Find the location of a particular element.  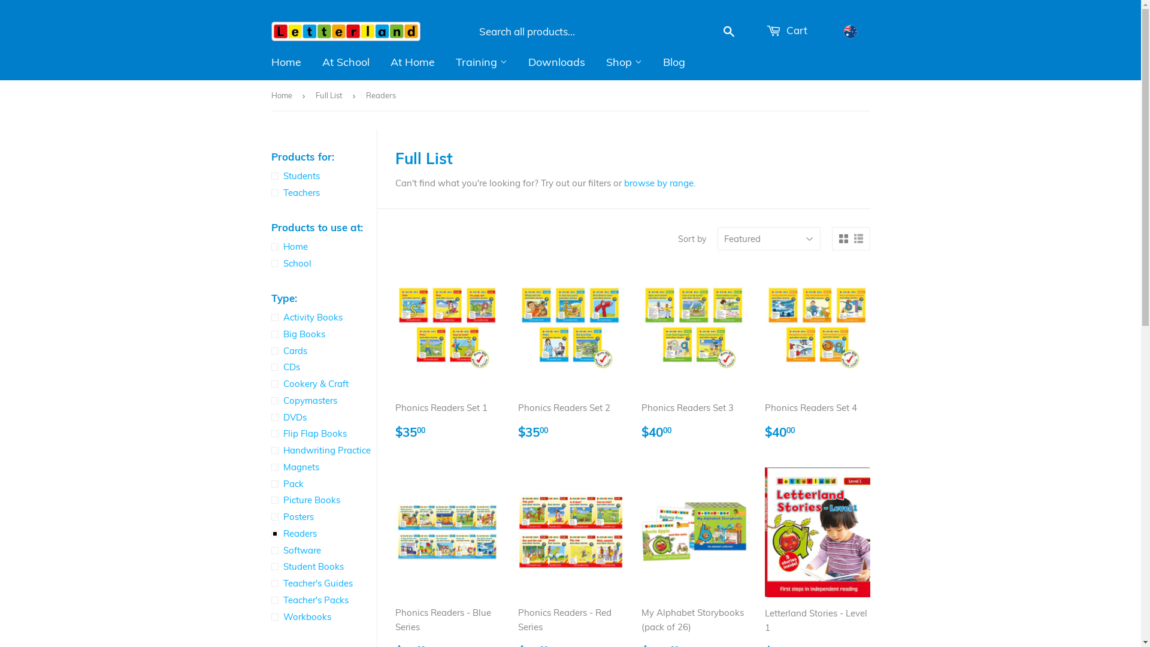

'Cards' is located at coordinates (323, 350).